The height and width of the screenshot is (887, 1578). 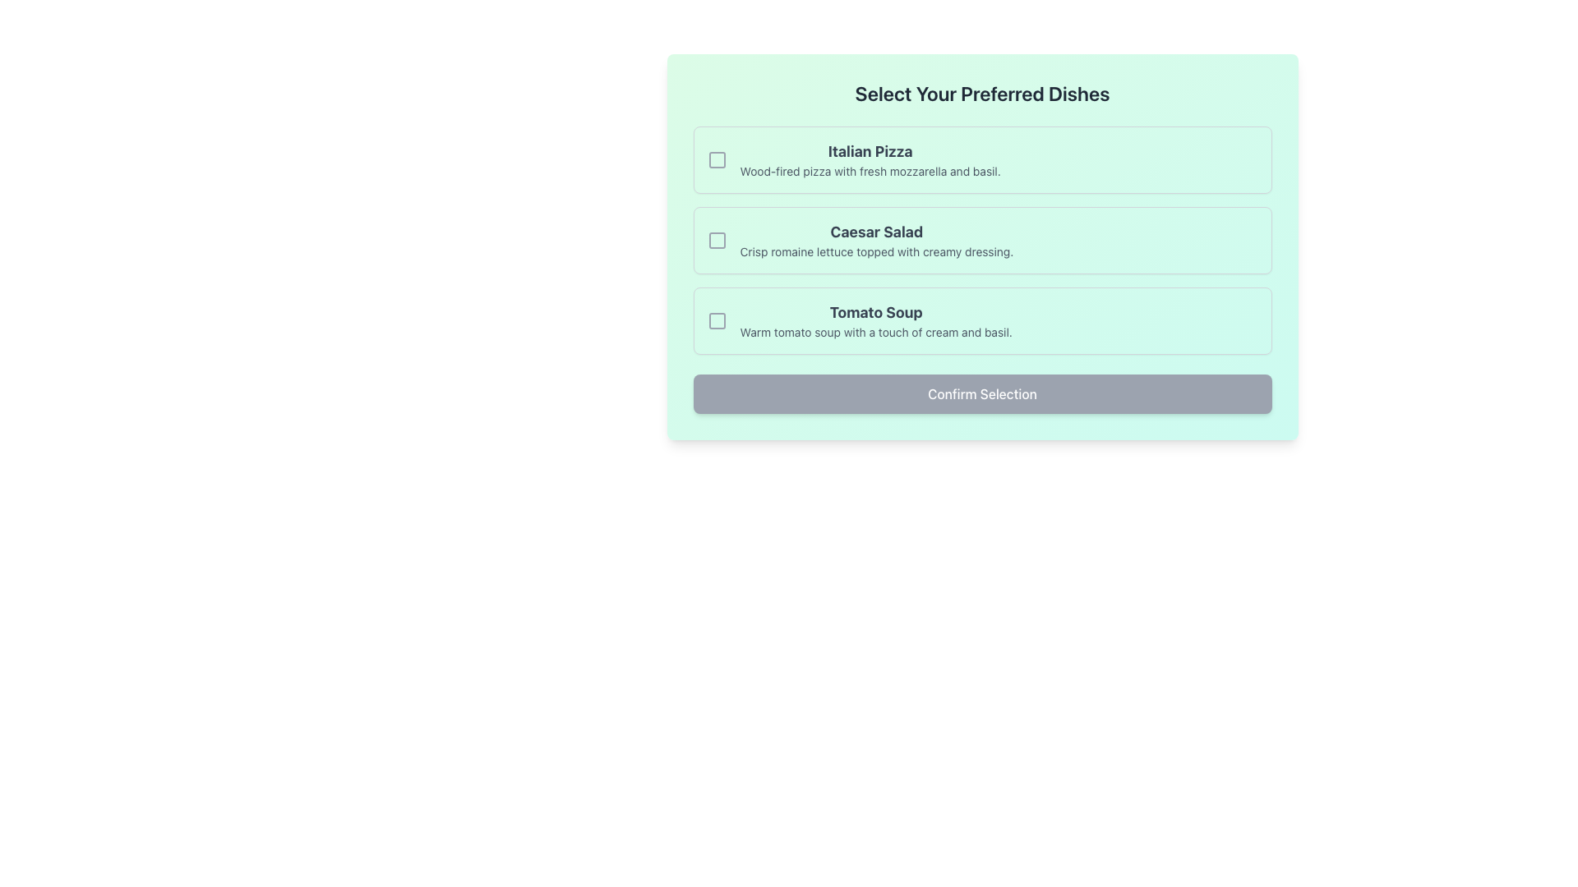 I want to click on the selectable list item labeled 'Tomato Soup', so click(x=982, y=320).